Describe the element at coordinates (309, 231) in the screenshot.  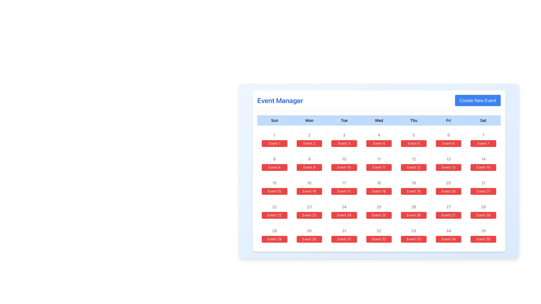
I see `information displayed in the Static Text representing day number '30' in the calendar grid` at that location.